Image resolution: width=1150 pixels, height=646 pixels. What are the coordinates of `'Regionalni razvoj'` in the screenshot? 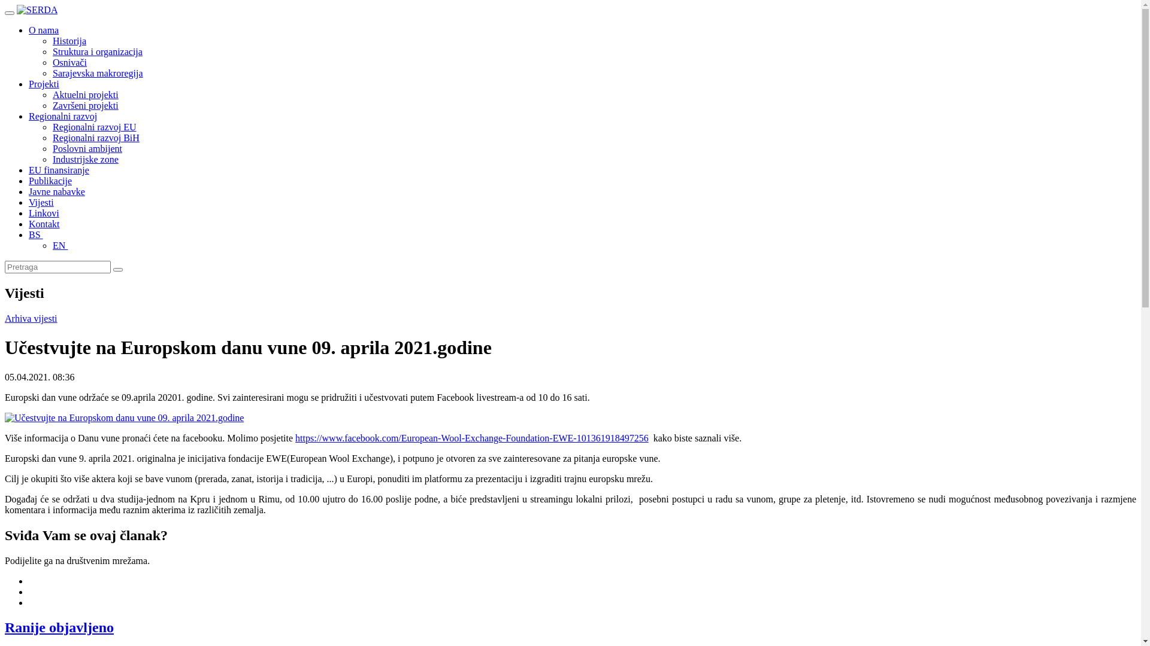 It's located at (62, 116).